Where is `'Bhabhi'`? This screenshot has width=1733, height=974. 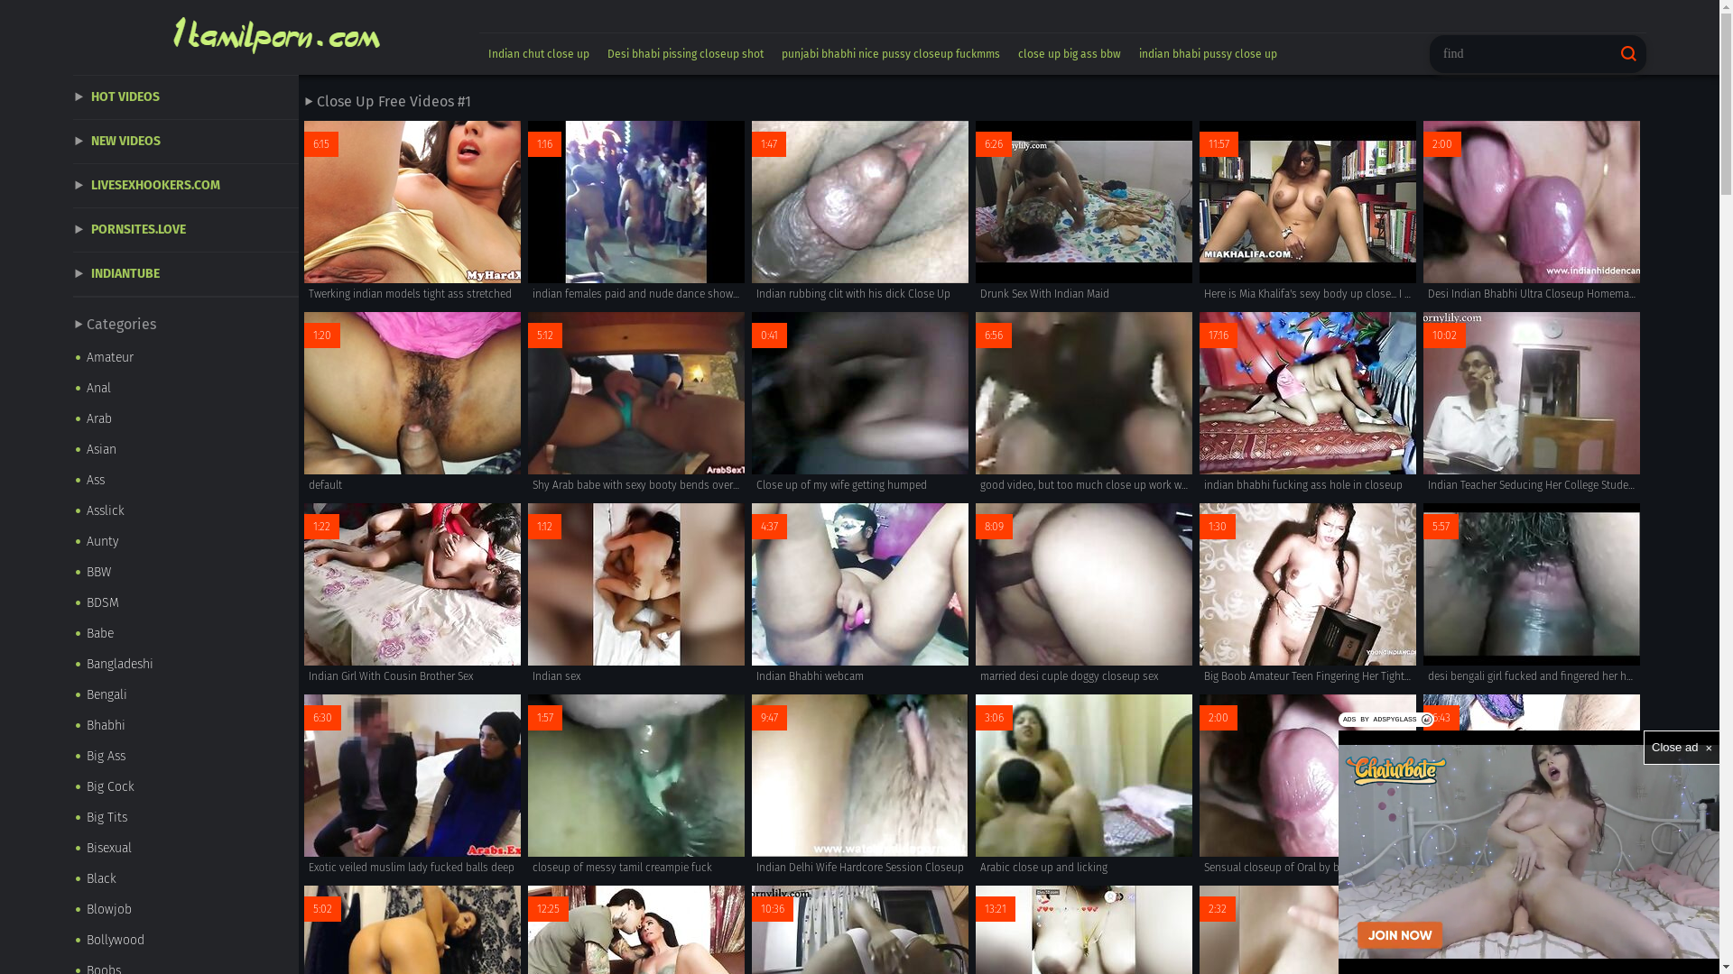
'Bhabhi' is located at coordinates (186, 725).